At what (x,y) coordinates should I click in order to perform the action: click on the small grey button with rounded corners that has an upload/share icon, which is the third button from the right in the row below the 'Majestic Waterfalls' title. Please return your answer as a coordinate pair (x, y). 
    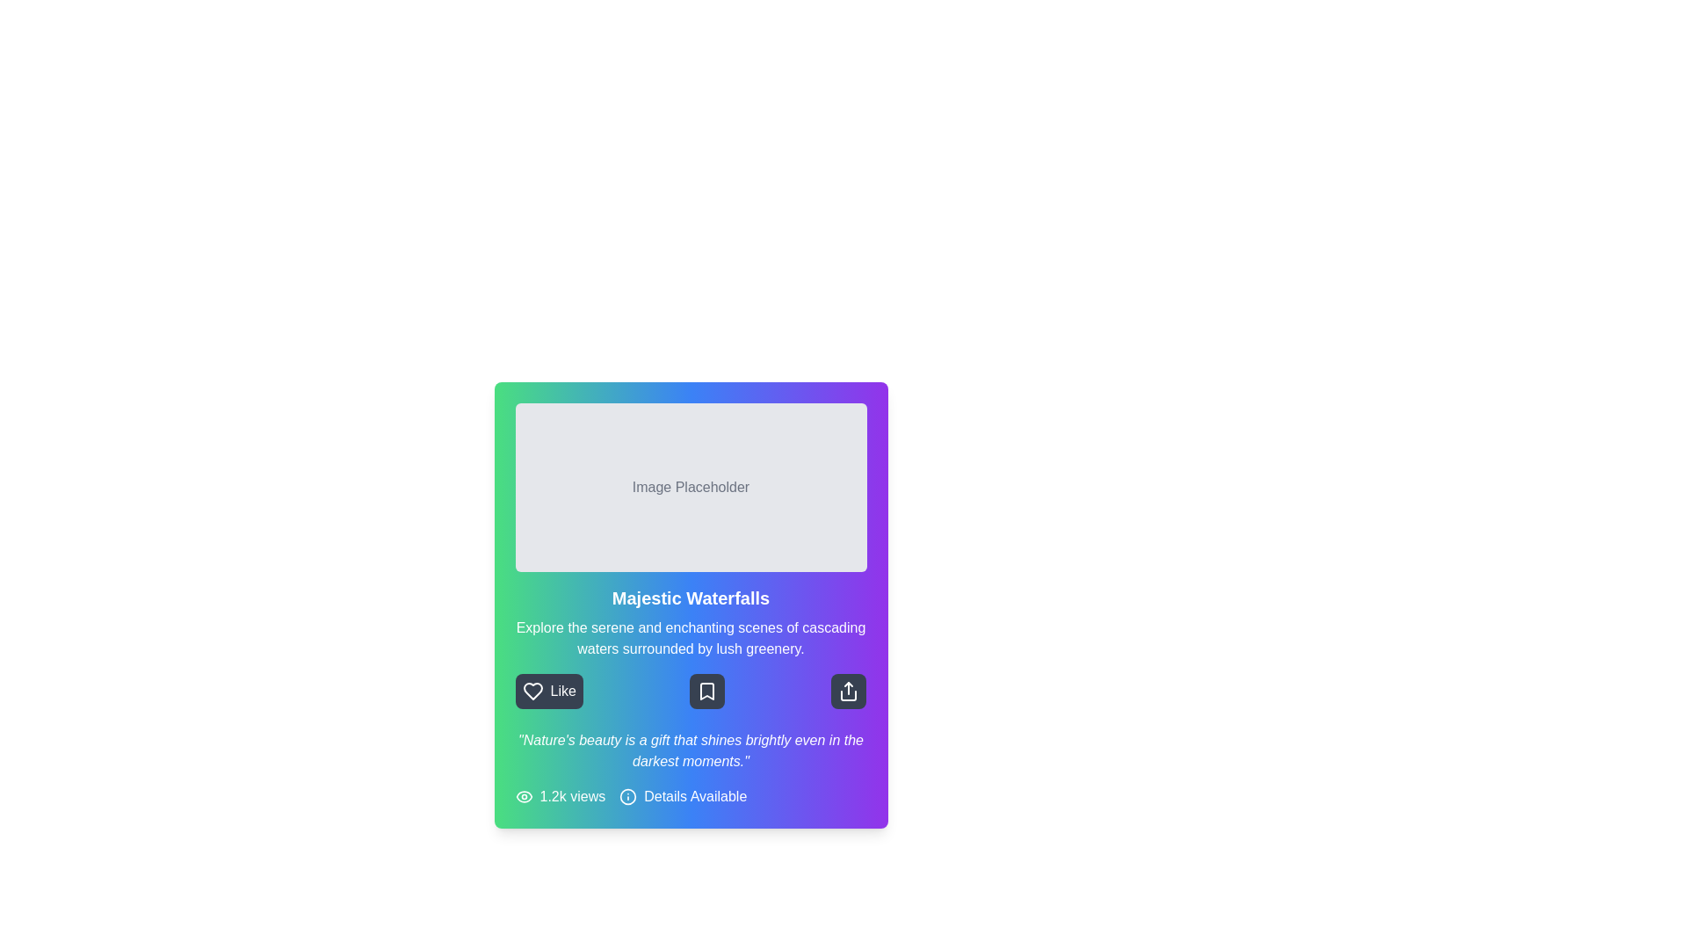
    Looking at the image, I should click on (849, 690).